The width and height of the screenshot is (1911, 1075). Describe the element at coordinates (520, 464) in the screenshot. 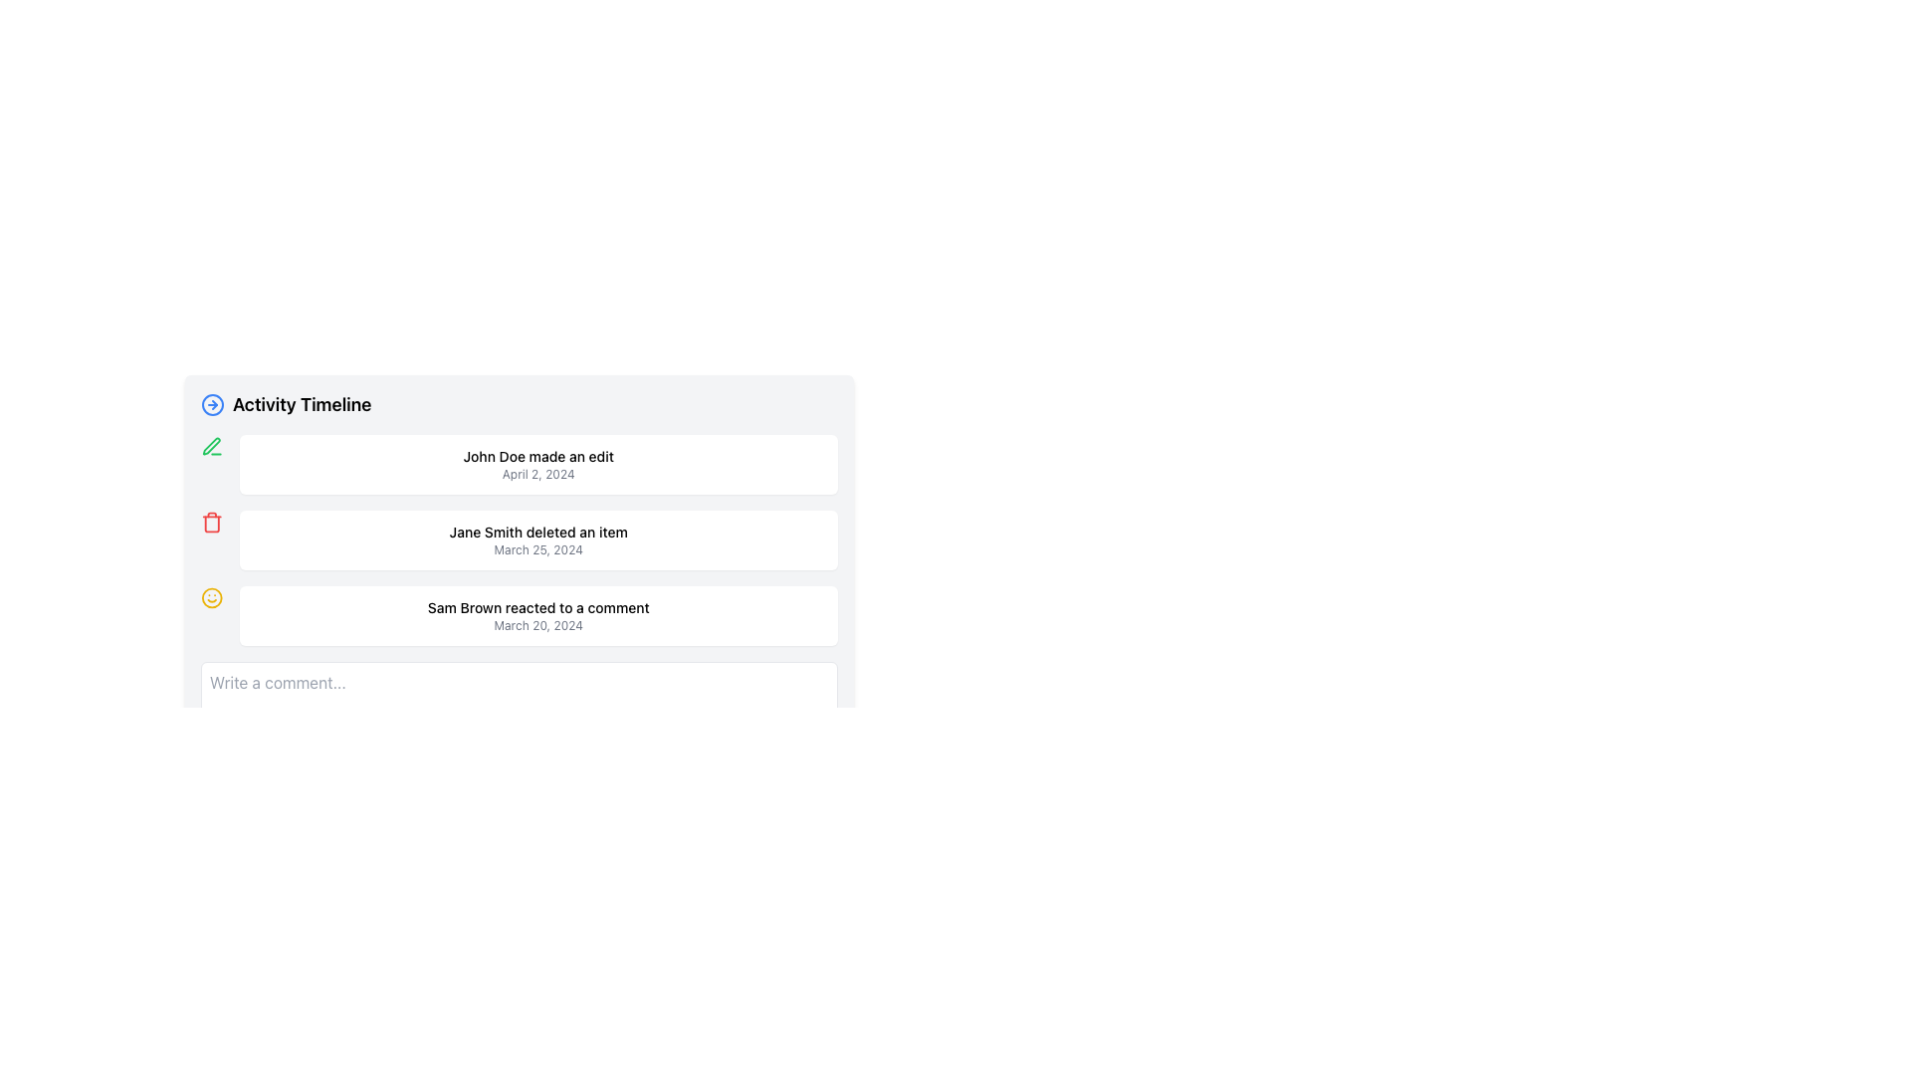

I see `the first card-like section in the activity feed which shows 'John Doe made an edit' and the timestamp 'April 2, 2024'` at that location.